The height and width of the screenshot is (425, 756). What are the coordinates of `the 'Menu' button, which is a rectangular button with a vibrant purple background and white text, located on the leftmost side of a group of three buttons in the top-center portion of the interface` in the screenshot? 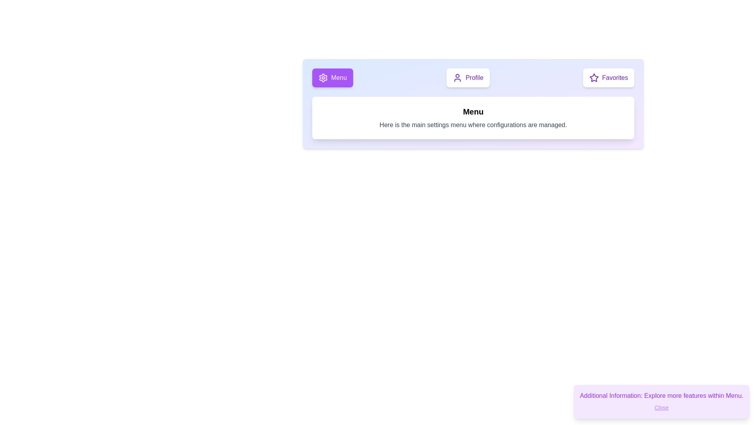 It's located at (332, 78).